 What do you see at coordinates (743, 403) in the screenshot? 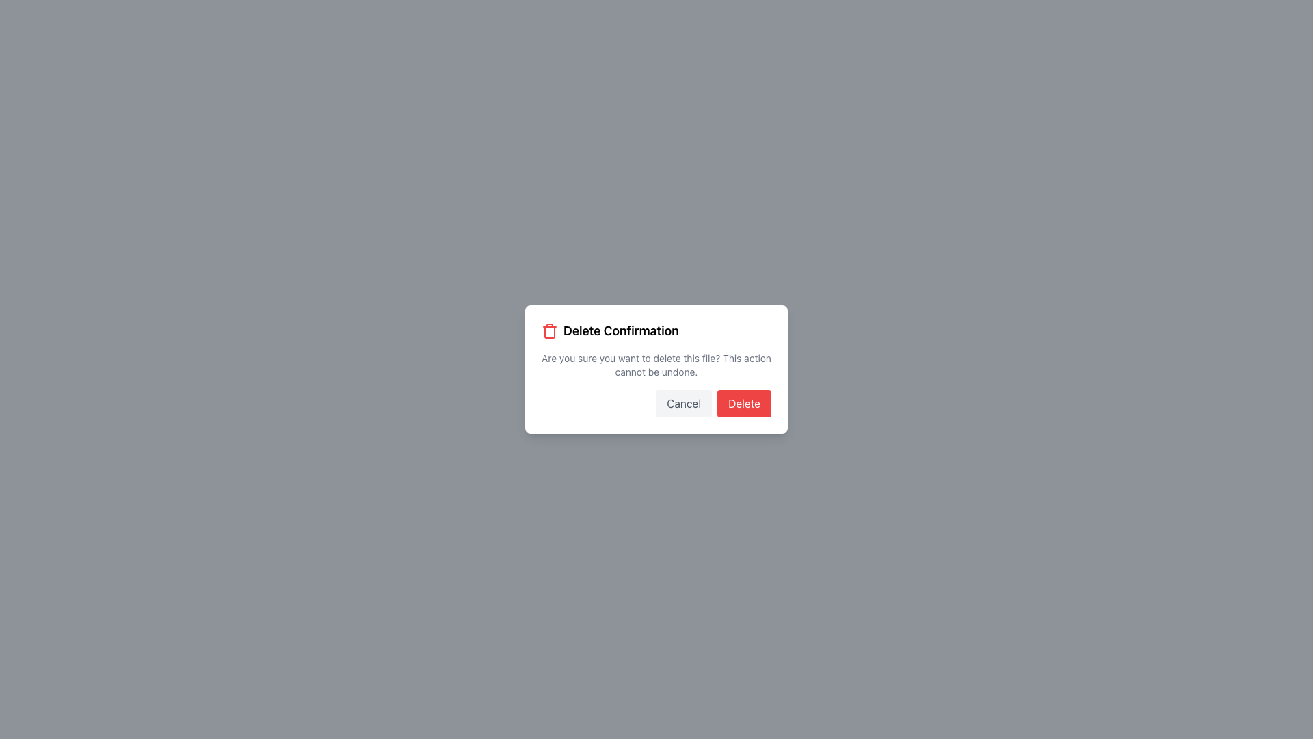
I see `the 'Delete' button, which is a rectangular button with rounded corners, red background, and white text, located in the modal dialog box near the bottom-right corner` at bounding box center [743, 403].